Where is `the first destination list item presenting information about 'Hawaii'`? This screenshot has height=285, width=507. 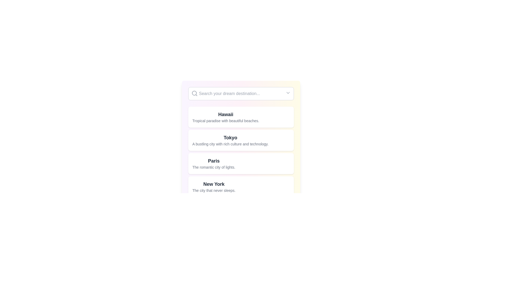 the first destination list item presenting information about 'Hawaii' is located at coordinates (226, 117).